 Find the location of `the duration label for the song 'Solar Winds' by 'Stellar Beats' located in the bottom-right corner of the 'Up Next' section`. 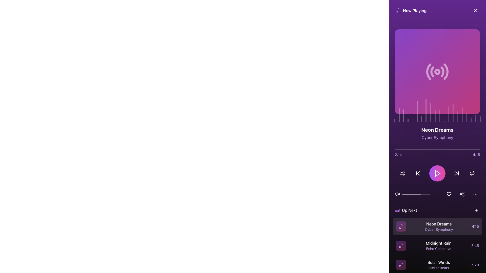

the duration label for the song 'Solar Winds' by 'Stellar Beats' located in the bottom-right corner of the 'Up Next' section is located at coordinates (475, 265).